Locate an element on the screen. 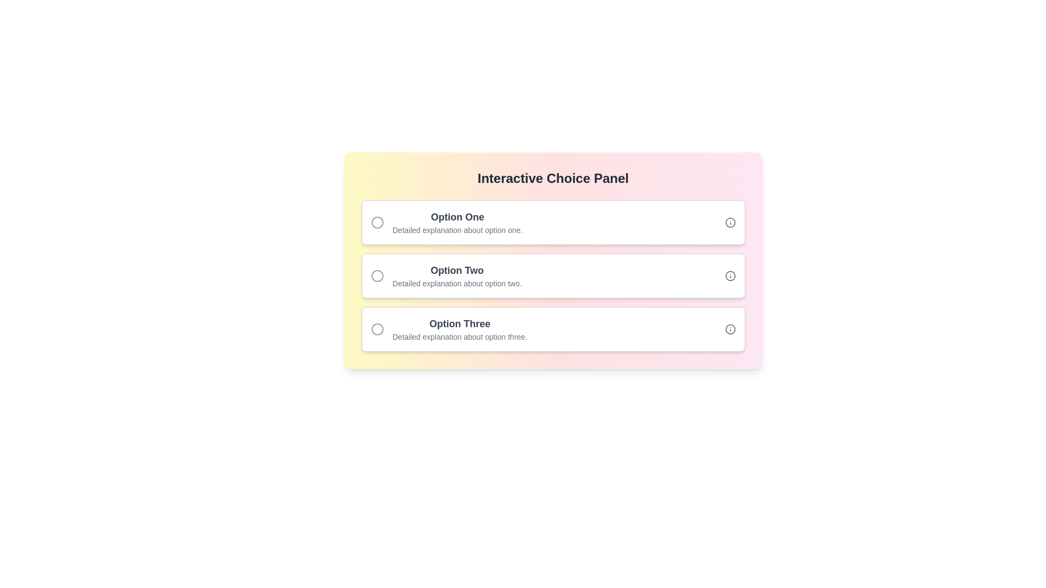 The width and height of the screenshot is (1046, 588). the selectable choice labeled 'Option One' in the first panel of the vertical stack is located at coordinates (553, 222).